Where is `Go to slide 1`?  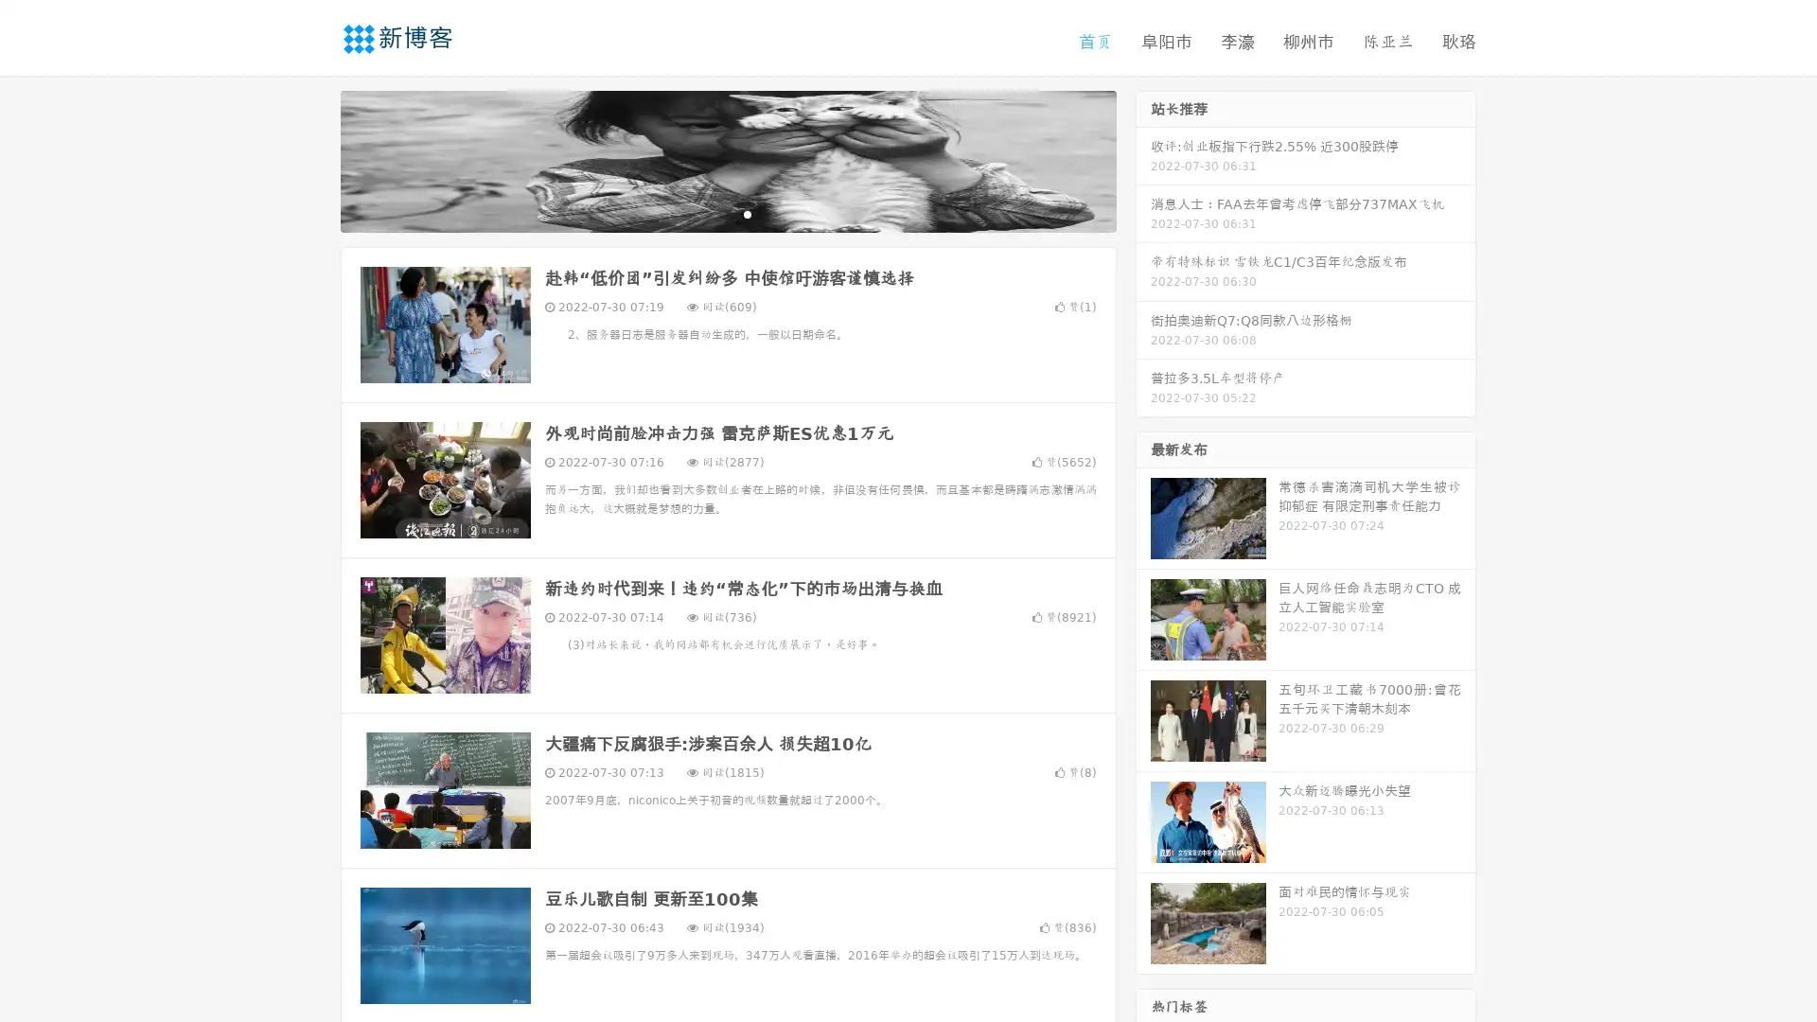 Go to slide 1 is located at coordinates (708, 213).